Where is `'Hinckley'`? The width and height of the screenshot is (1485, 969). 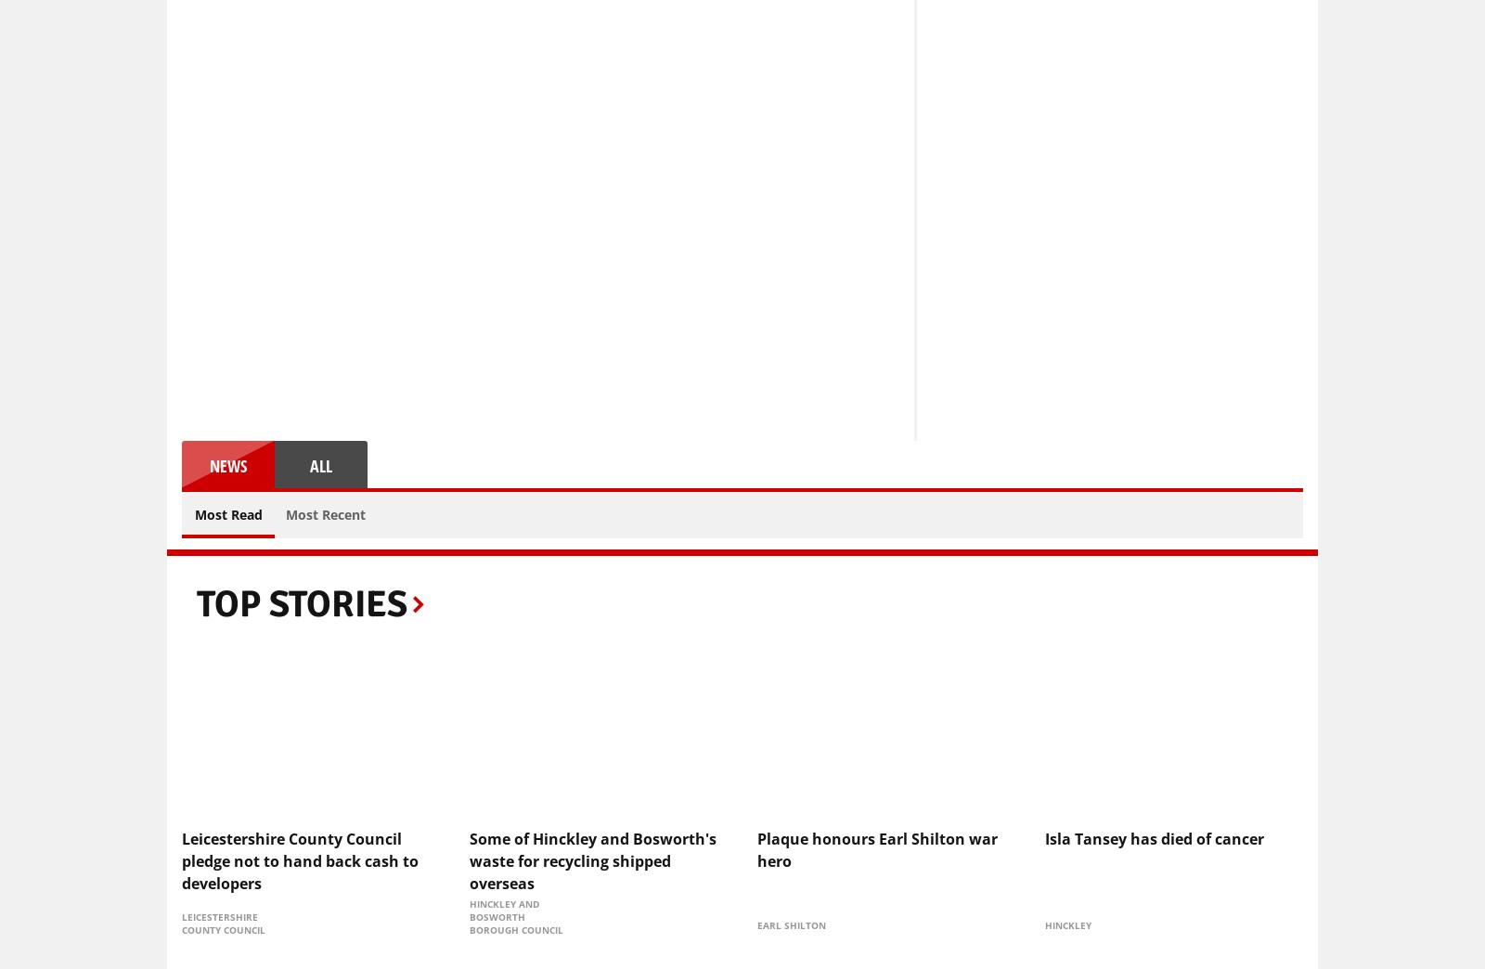
'Hinckley' is located at coordinates (1044, 924).